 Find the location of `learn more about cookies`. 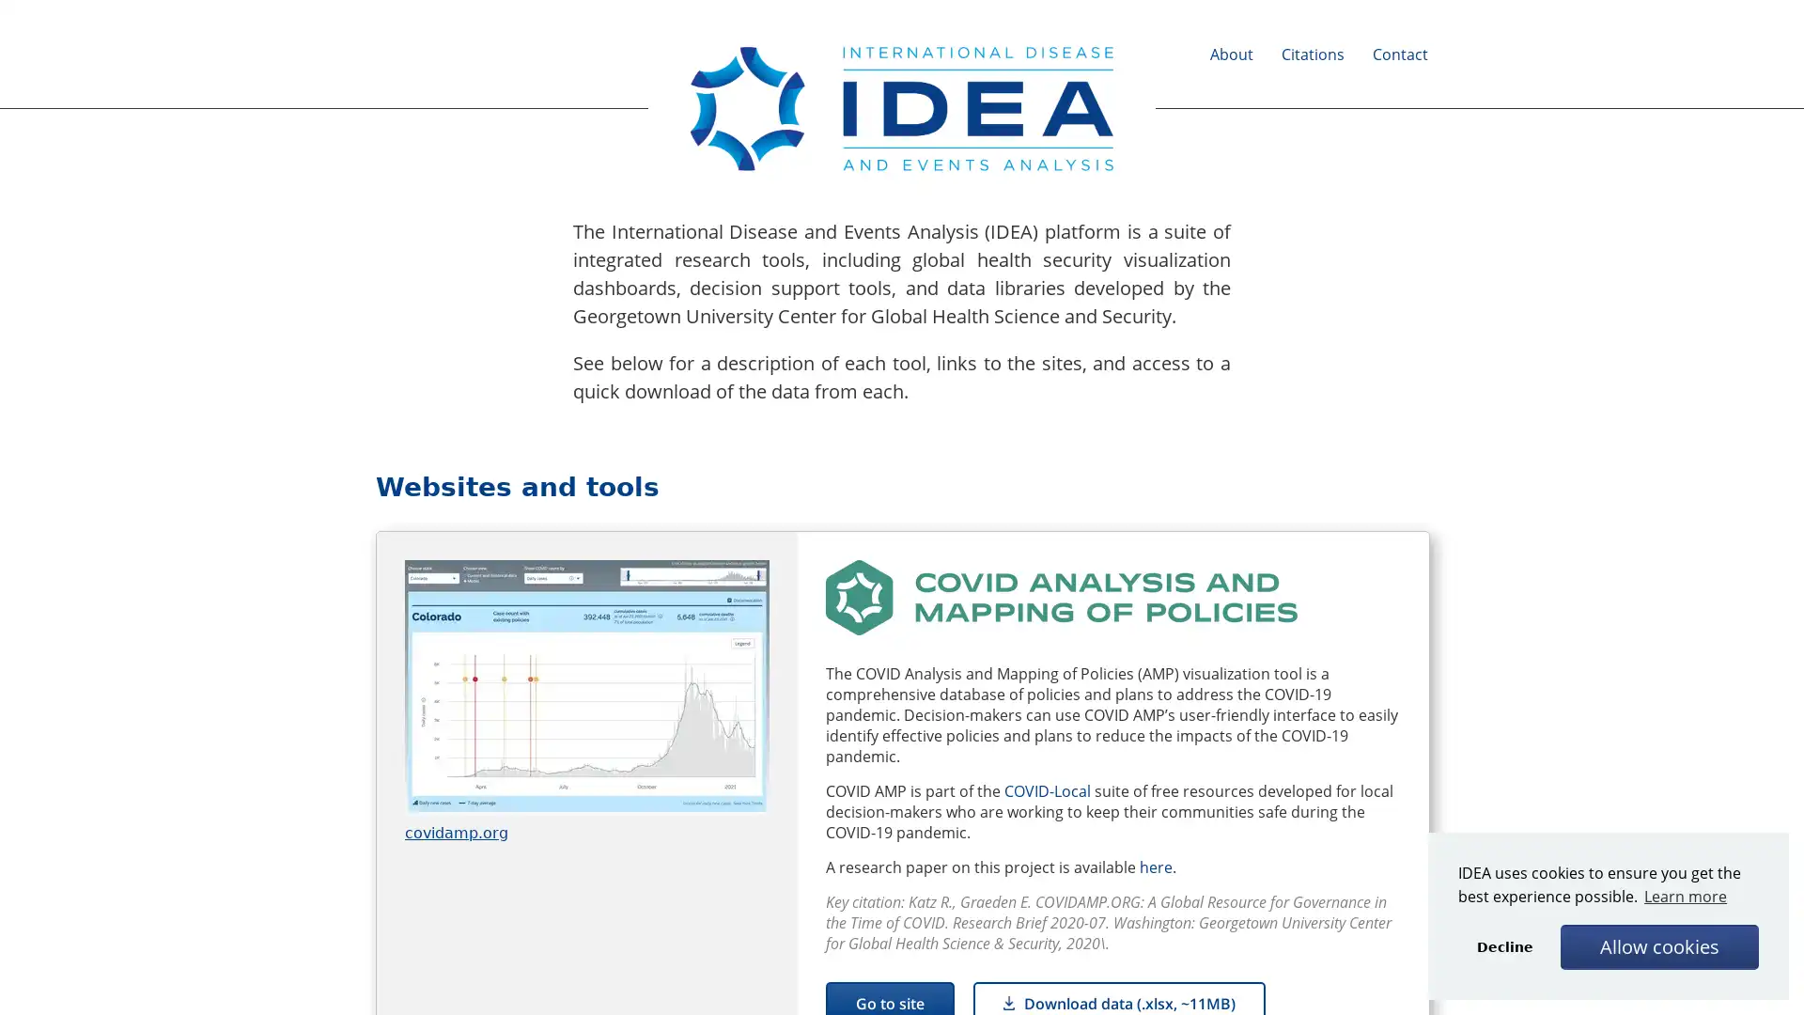

learn more about cookies is located at coordinates (1686, 895).